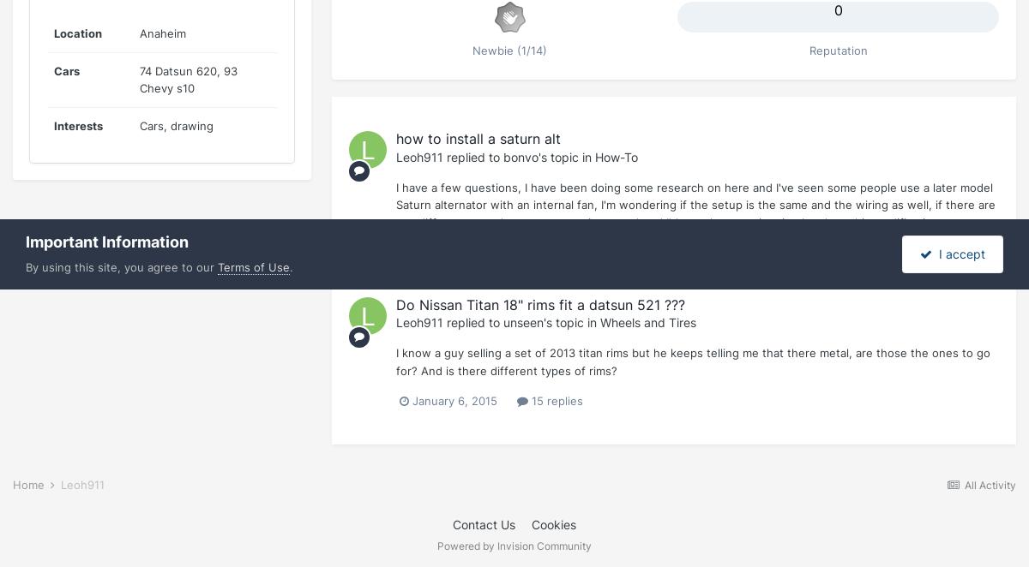  I want to click on '74 Datsun 620, 93 Chevy s10', so click(187, 79).